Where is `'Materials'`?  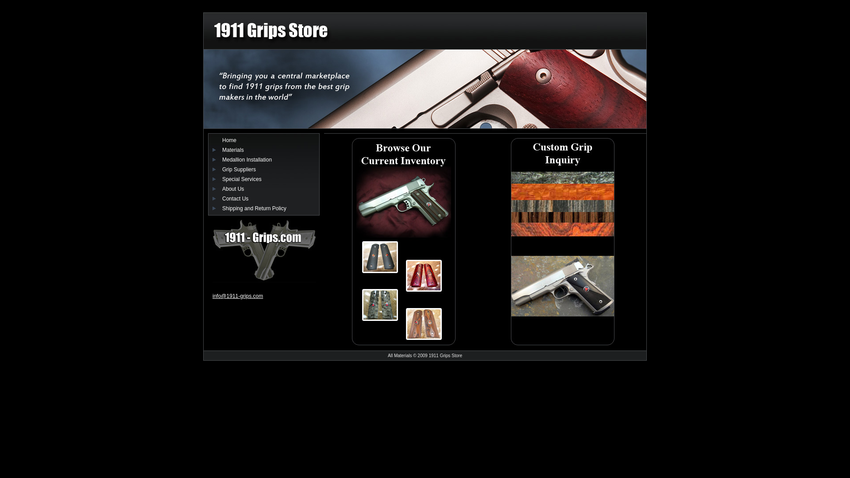 'Materials' is located at coordinates (222, 150).